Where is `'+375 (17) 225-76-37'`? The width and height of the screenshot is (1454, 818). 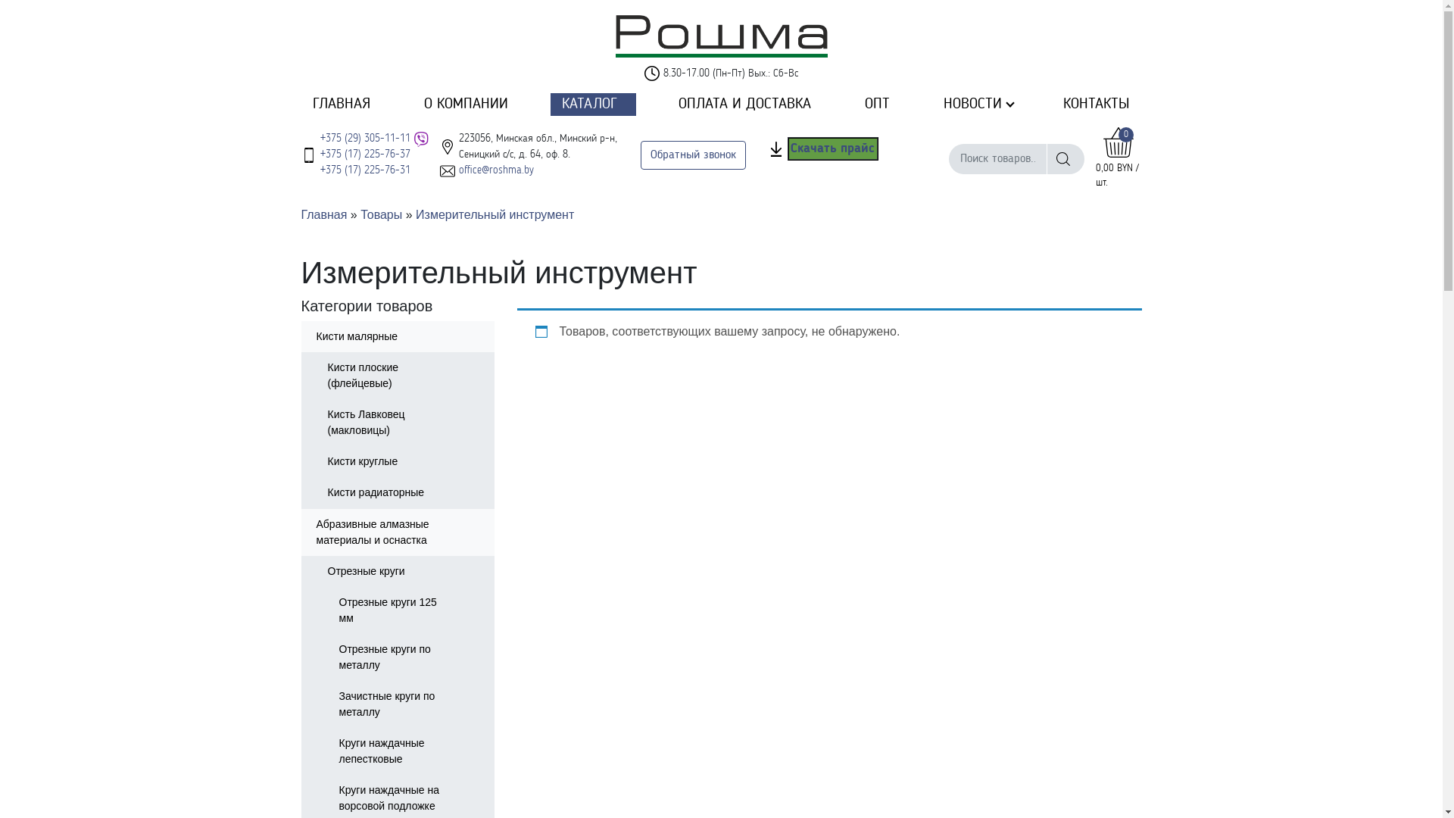 '+375 (17) 225-76-37' is located at coordinates (364, 155).